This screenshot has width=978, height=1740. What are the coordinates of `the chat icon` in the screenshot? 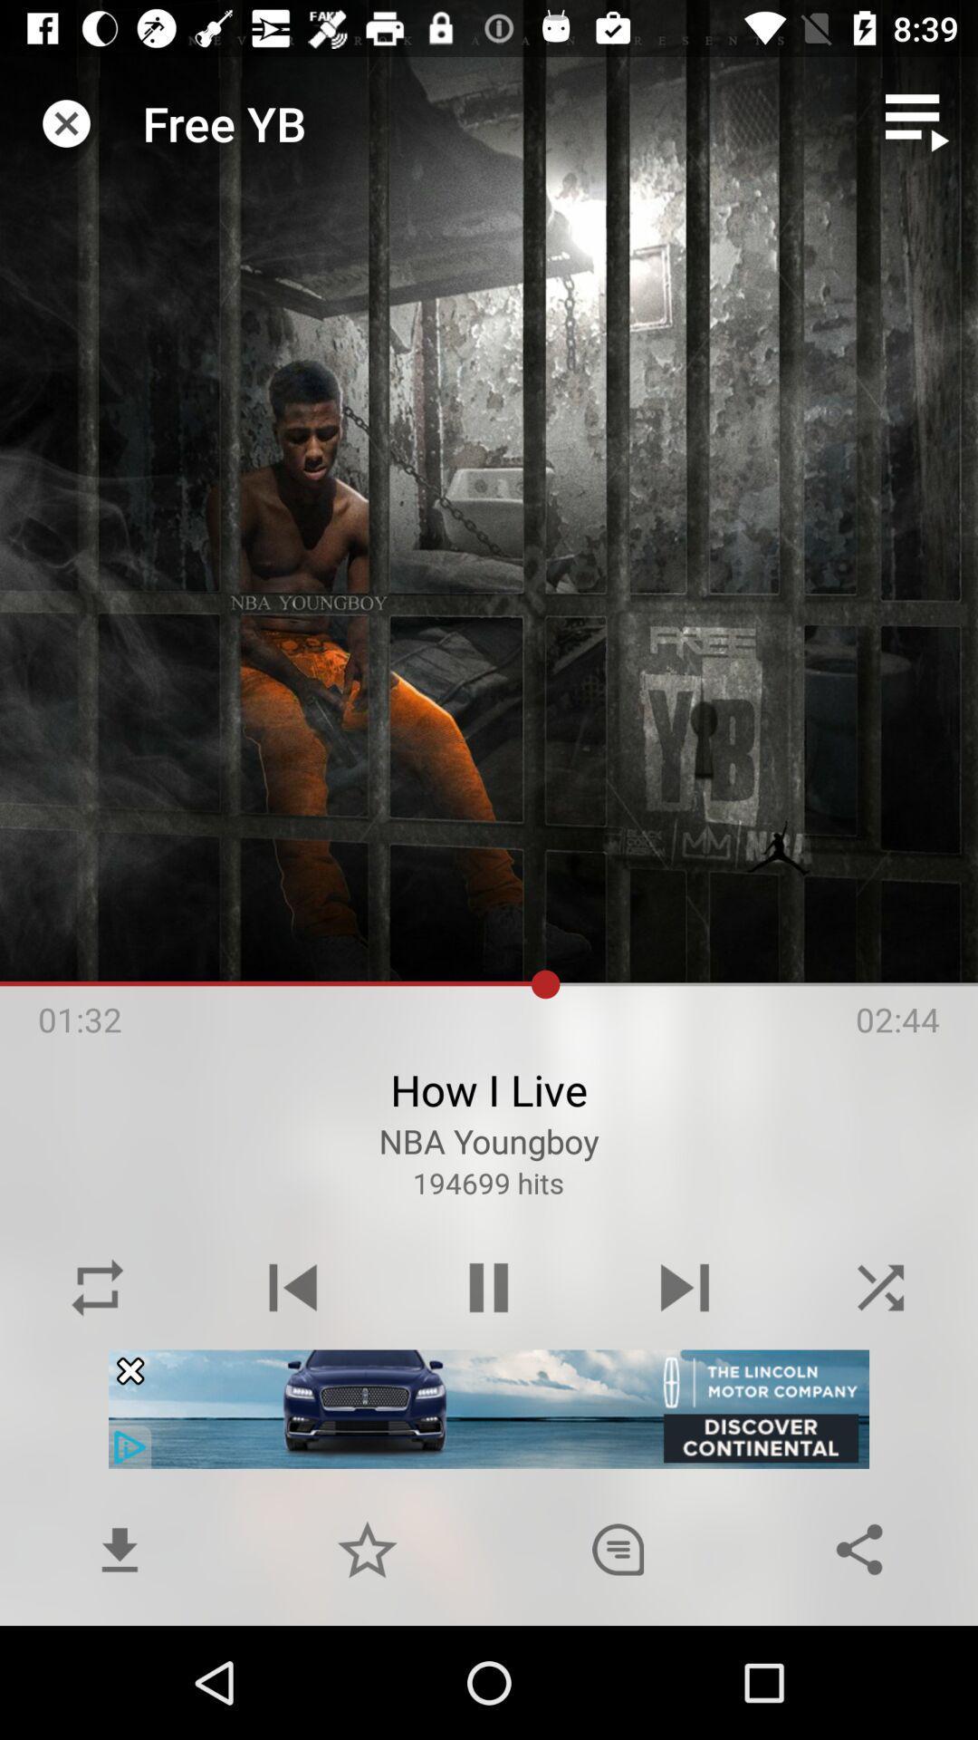 It's located at (617, 1548).